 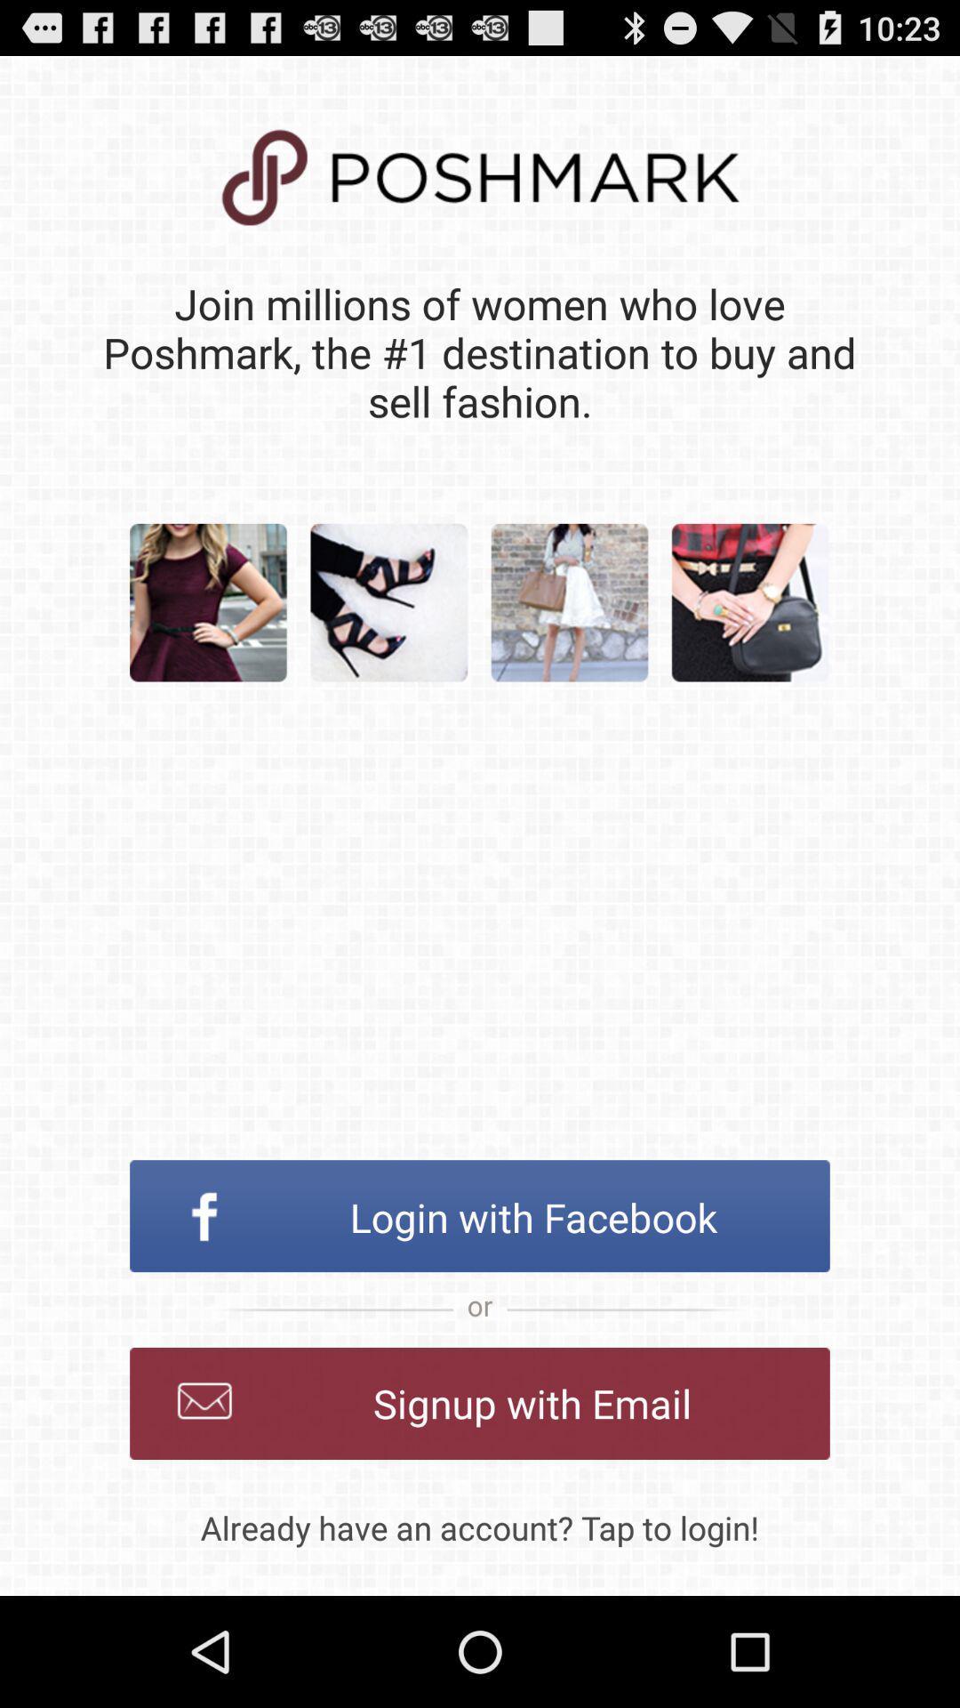 What do you see at coordinates (480, 1215) in the screenshot?
I see `the login with facebook` at bounding box center [480, 1215].